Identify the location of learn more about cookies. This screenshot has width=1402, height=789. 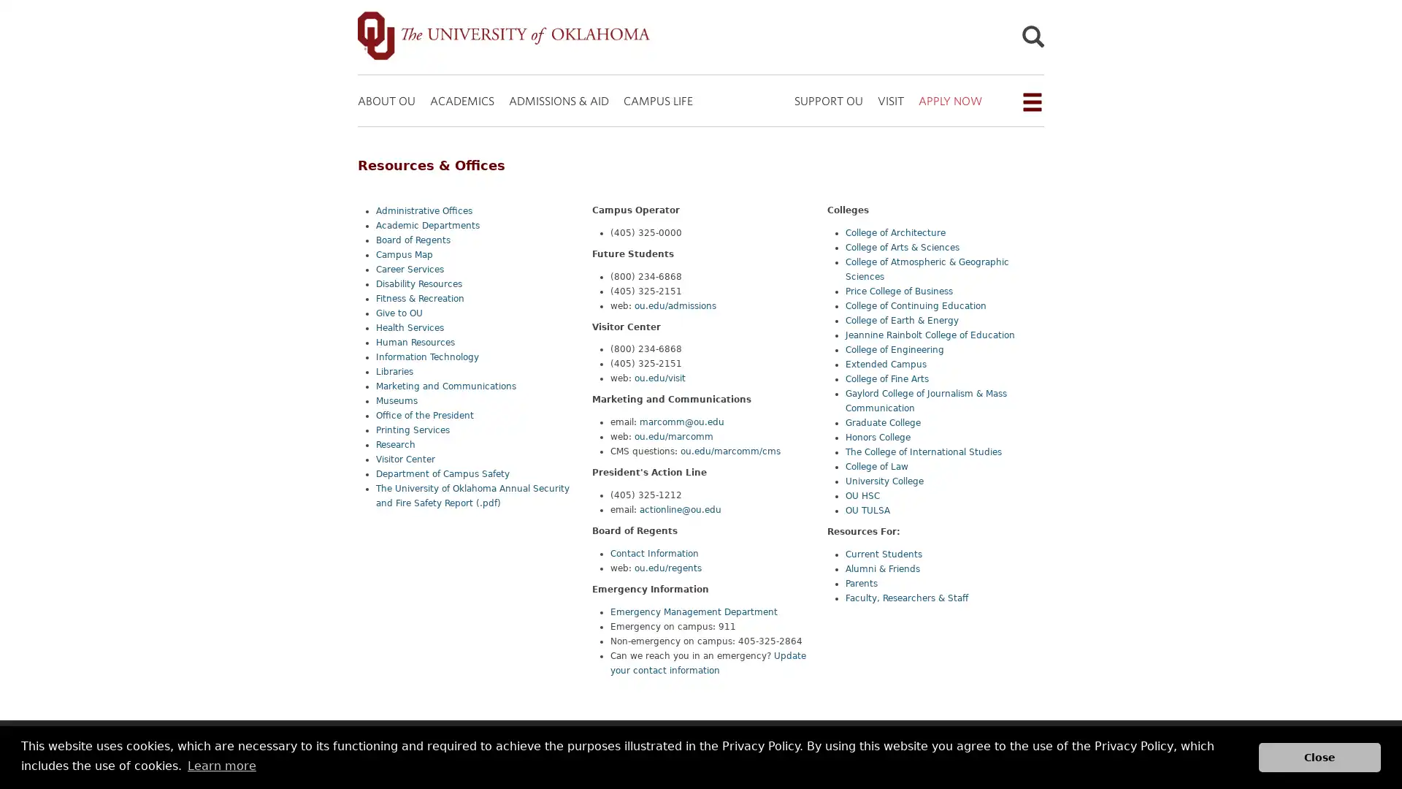
(221, 765).